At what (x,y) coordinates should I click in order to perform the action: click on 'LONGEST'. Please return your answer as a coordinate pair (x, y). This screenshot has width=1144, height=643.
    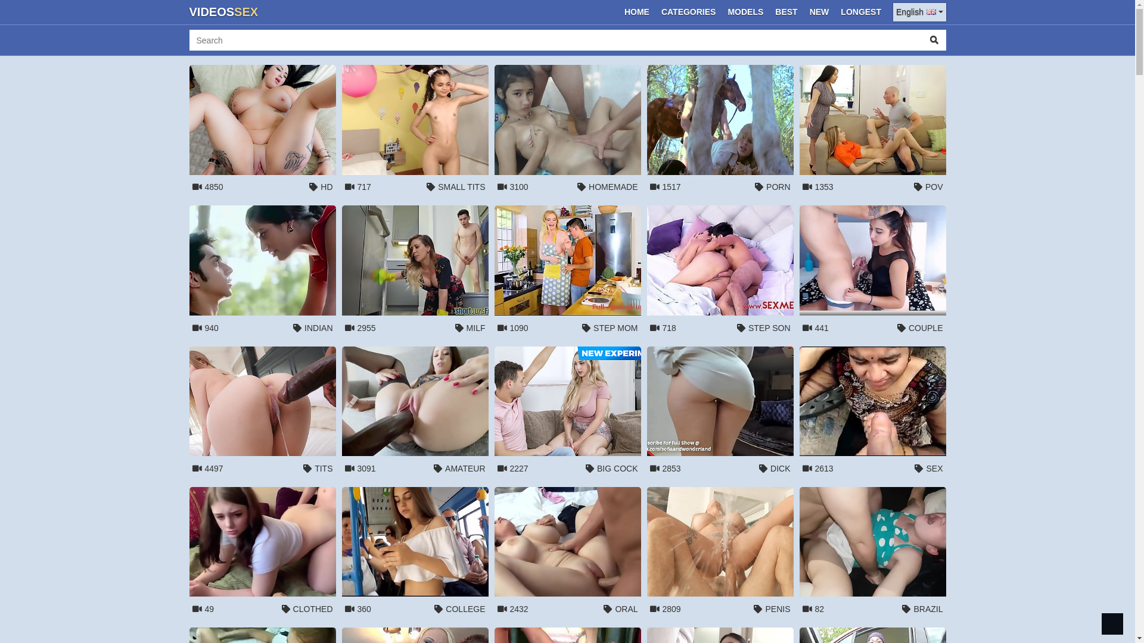
    Looking at the image, I should click on (835, 12).